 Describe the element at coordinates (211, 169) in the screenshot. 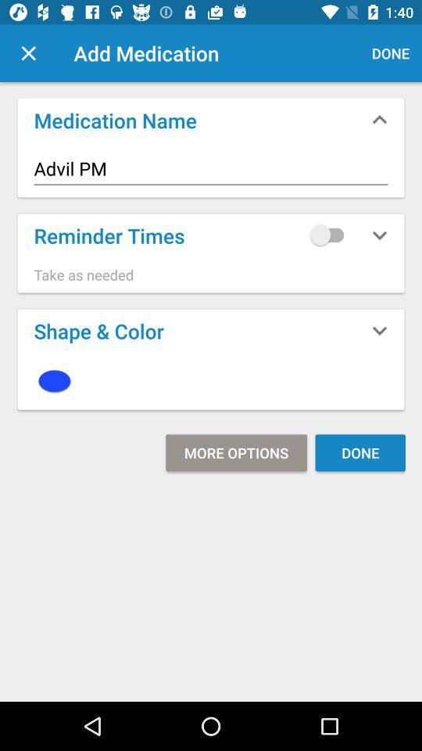

I see `advil pm icon` at that location.